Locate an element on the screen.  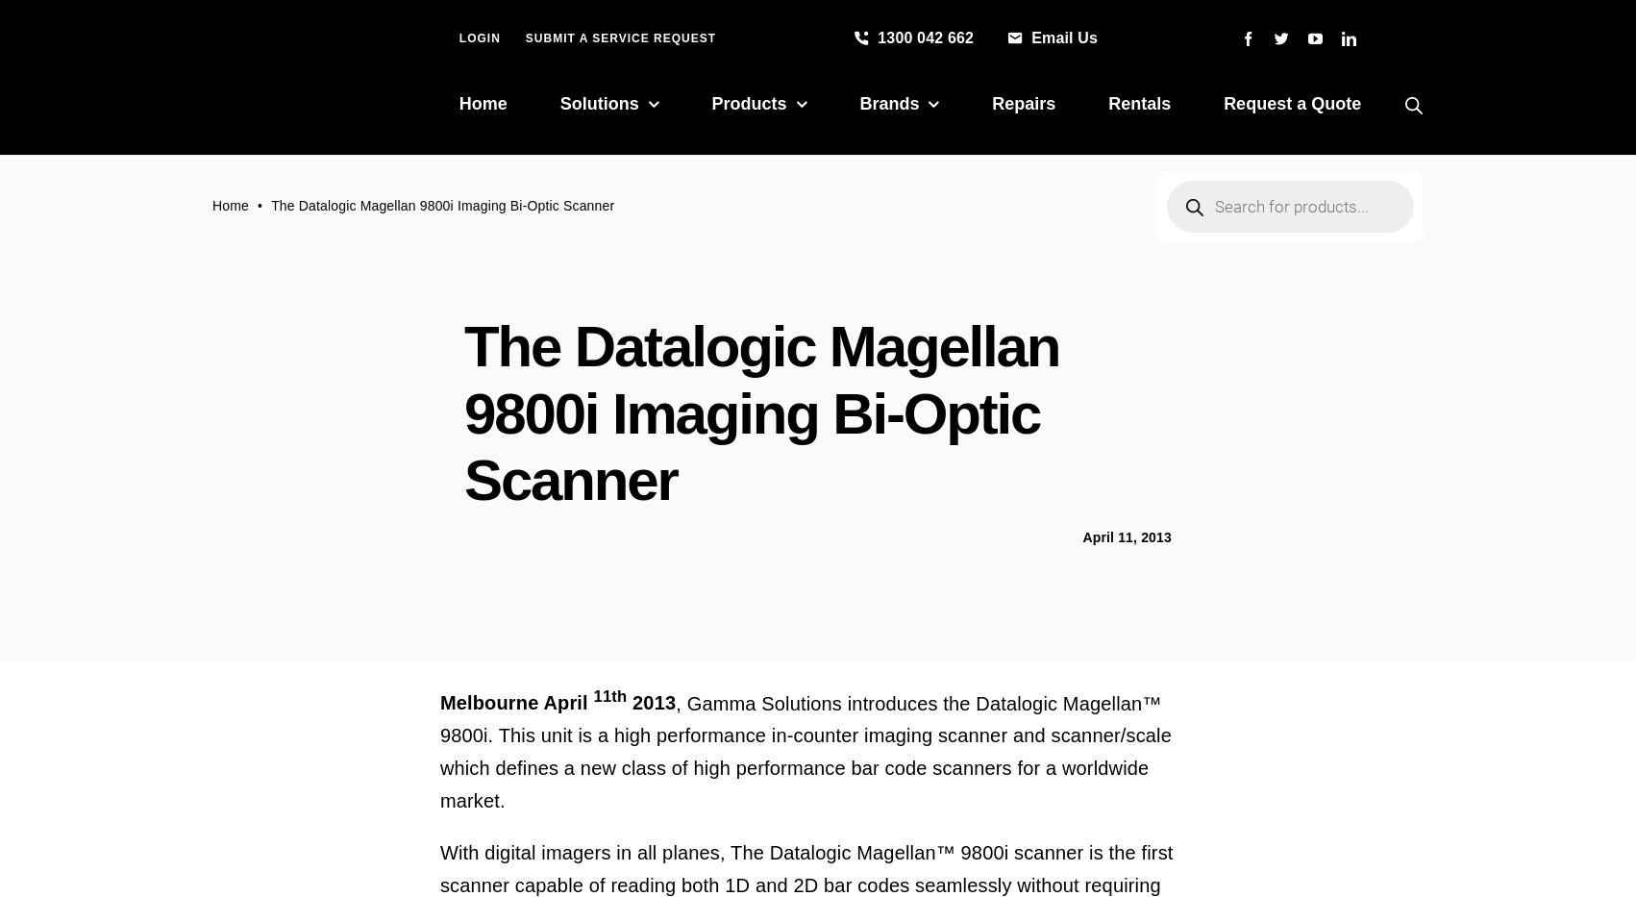
'Barcode Scanners' is located at coordinates (787, 281).